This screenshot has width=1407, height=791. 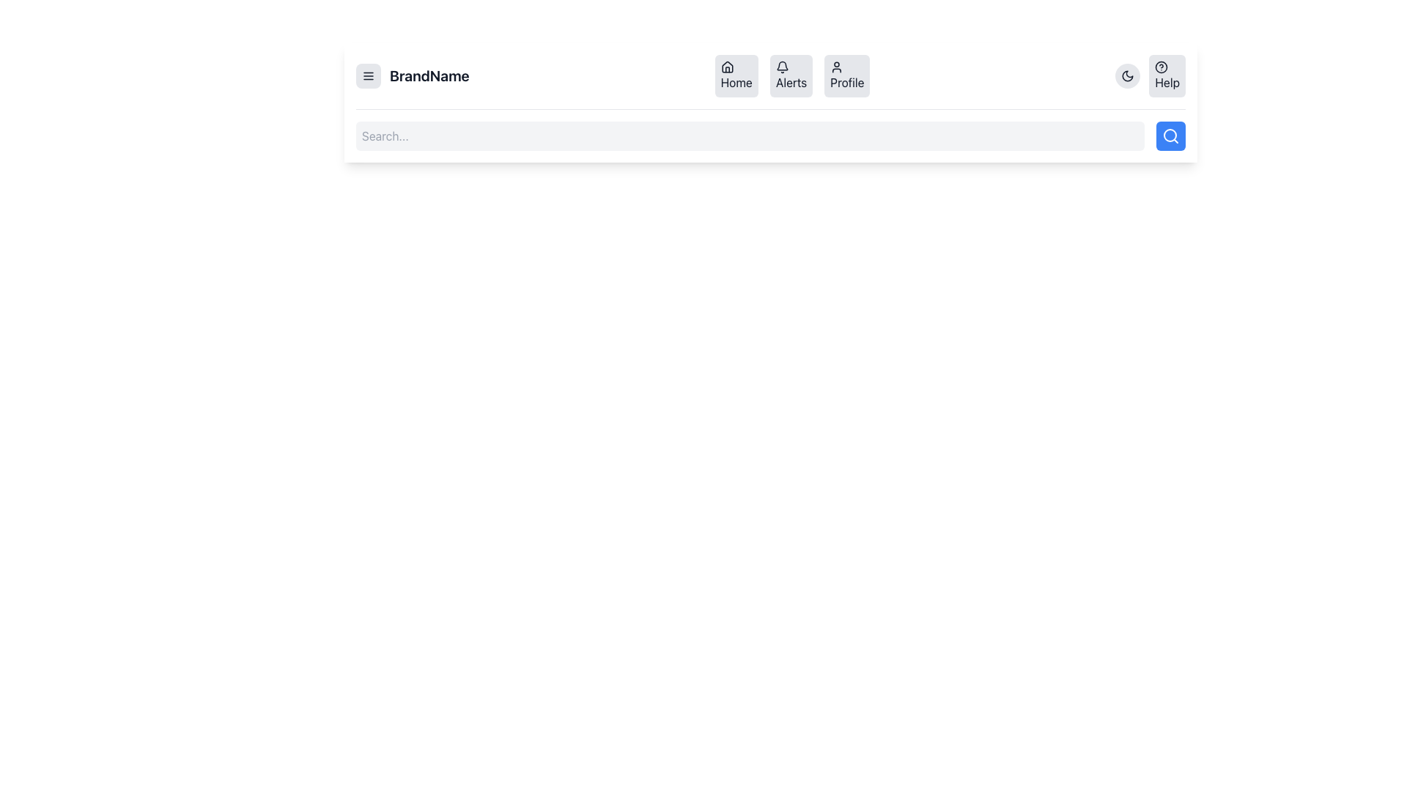 What do you see at coordinates (429, 76) in the screenshot?
I see `the text label displaying the brand name, located in the top-left corner of the interface, to the right of the menu icon and above the search bar` at bounding box center [429, 76].